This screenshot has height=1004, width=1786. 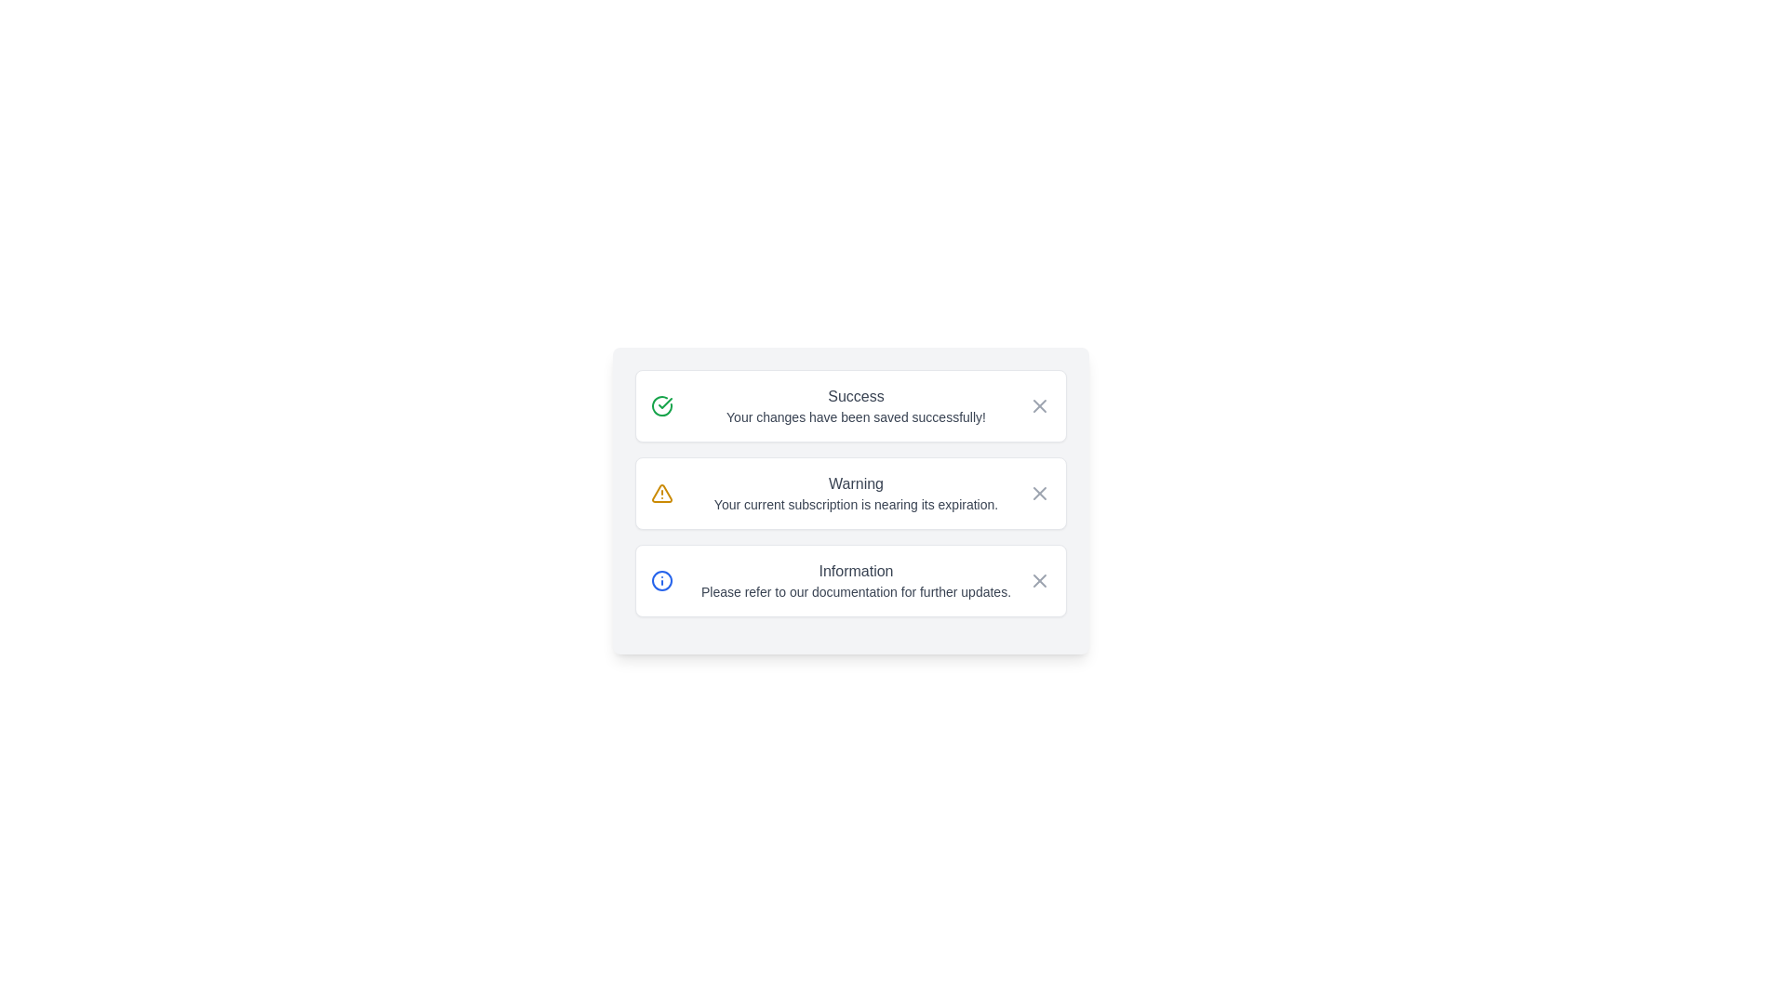 What do you see at coordinates (661, 579) in the screenshot?
I see `the SVG Circle Element that visually represents information or help, located next to the text 'Information' at the bottom of a vertical stack in a card layout` at bounding box center [661, 579].